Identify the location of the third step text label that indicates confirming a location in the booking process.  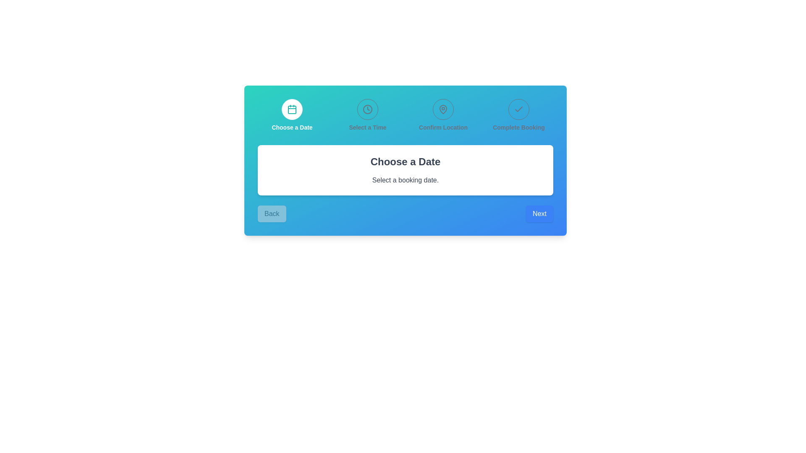
(443, 128).